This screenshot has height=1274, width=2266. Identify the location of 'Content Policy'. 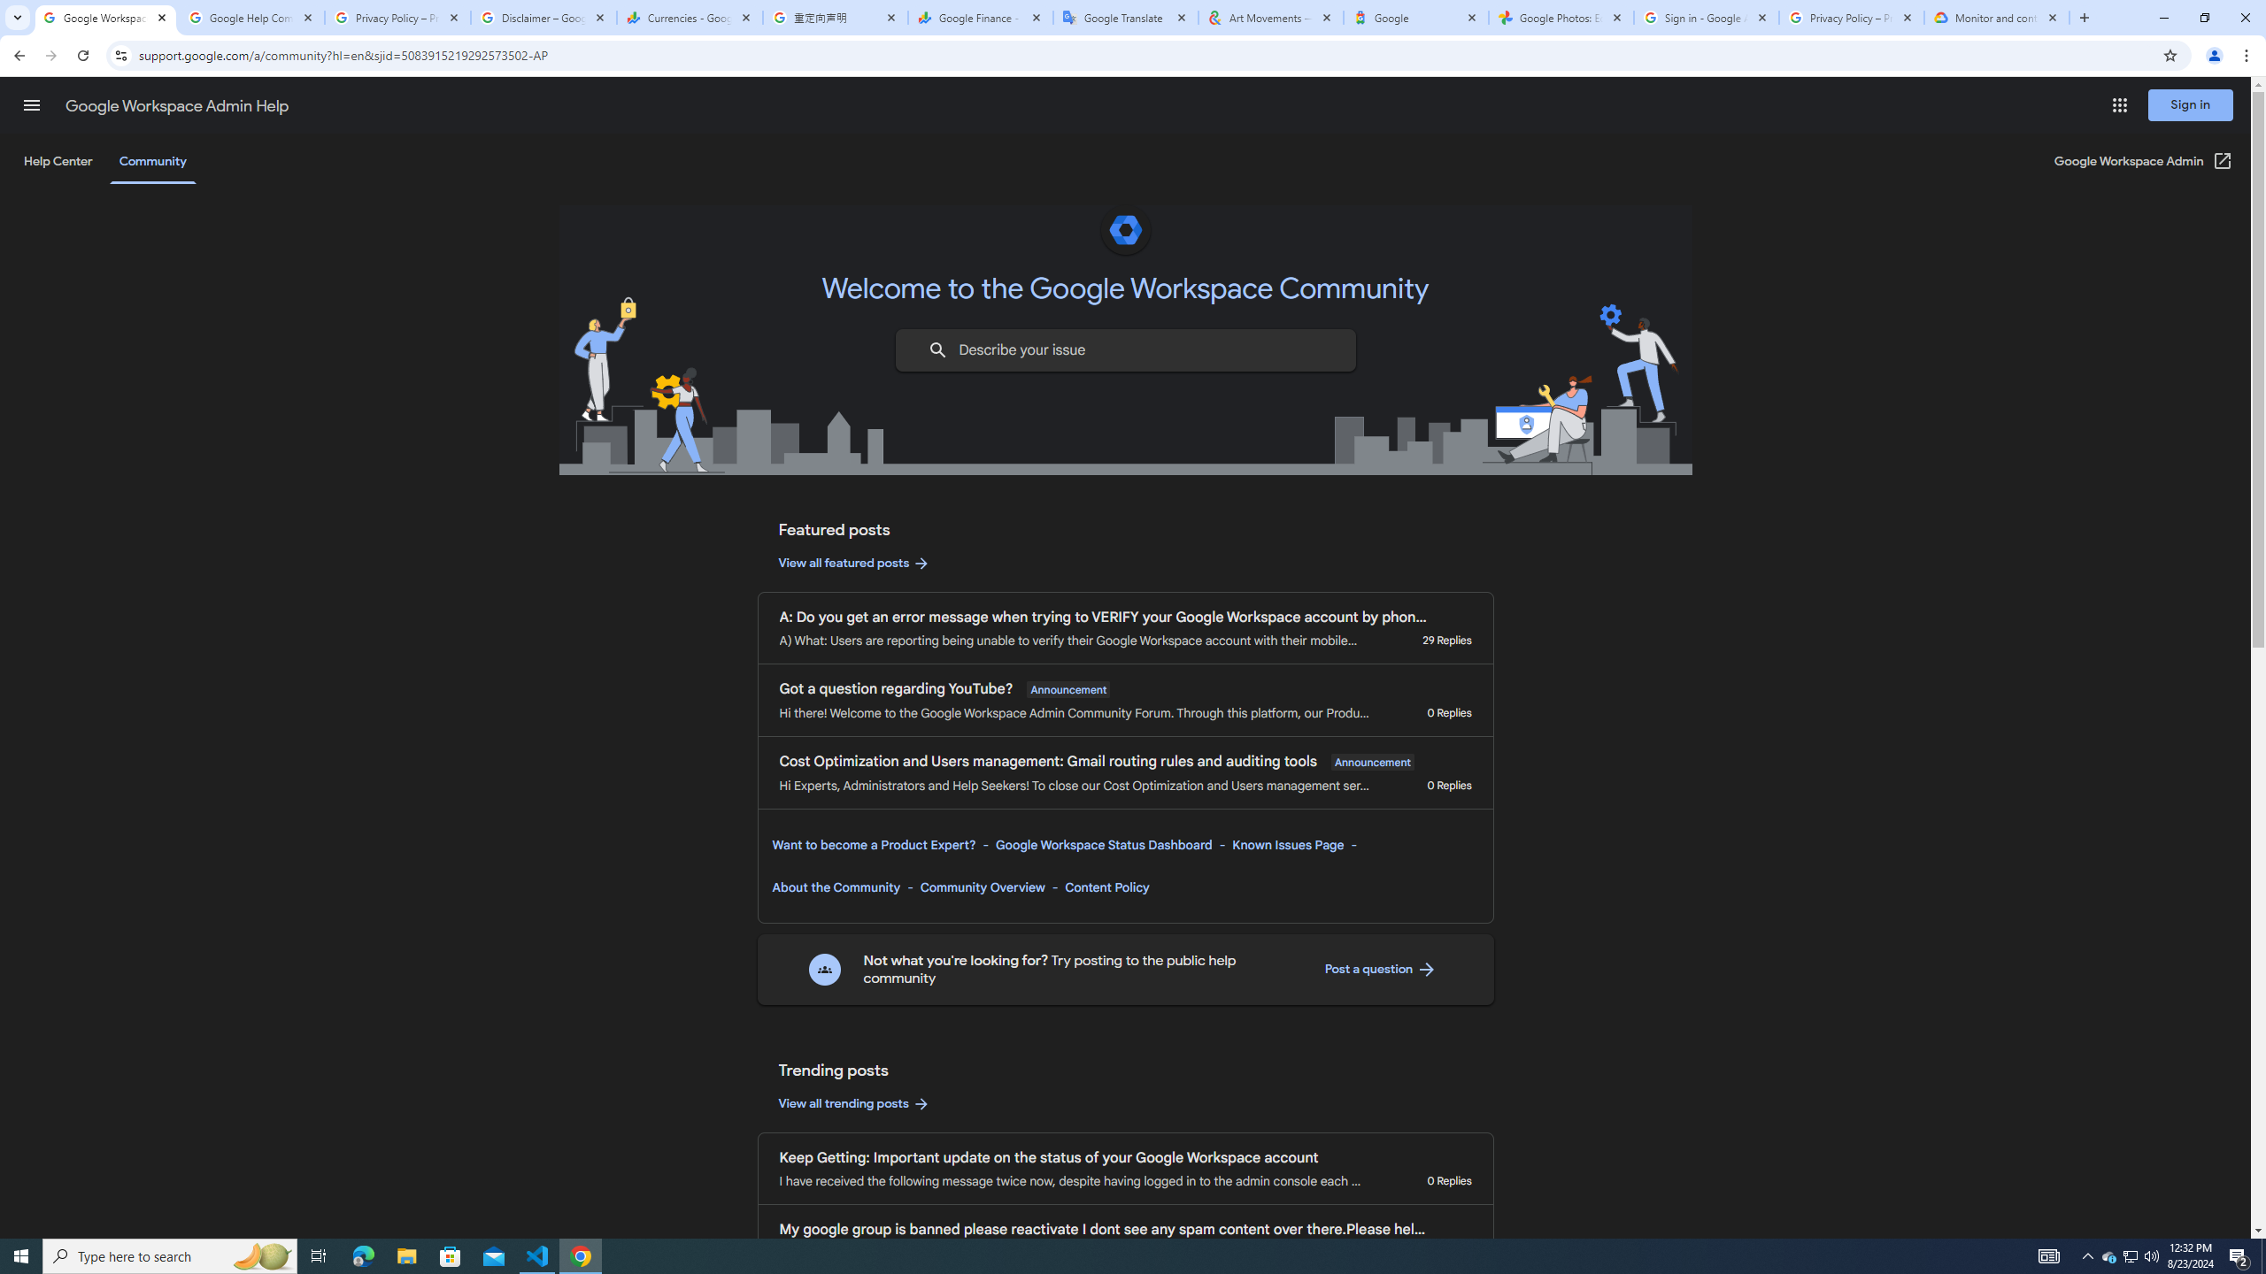
(1106, 886).